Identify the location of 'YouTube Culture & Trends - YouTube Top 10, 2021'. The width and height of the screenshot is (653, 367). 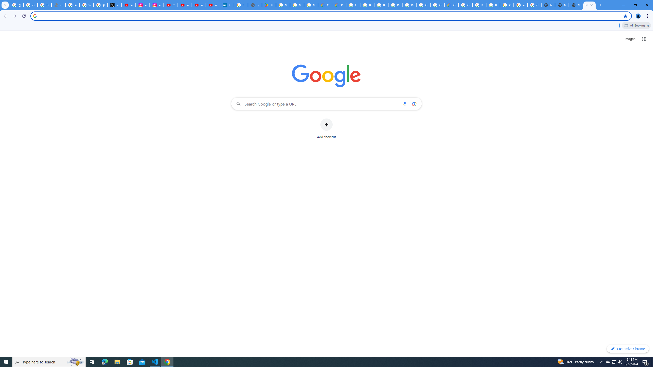
(198, 5).